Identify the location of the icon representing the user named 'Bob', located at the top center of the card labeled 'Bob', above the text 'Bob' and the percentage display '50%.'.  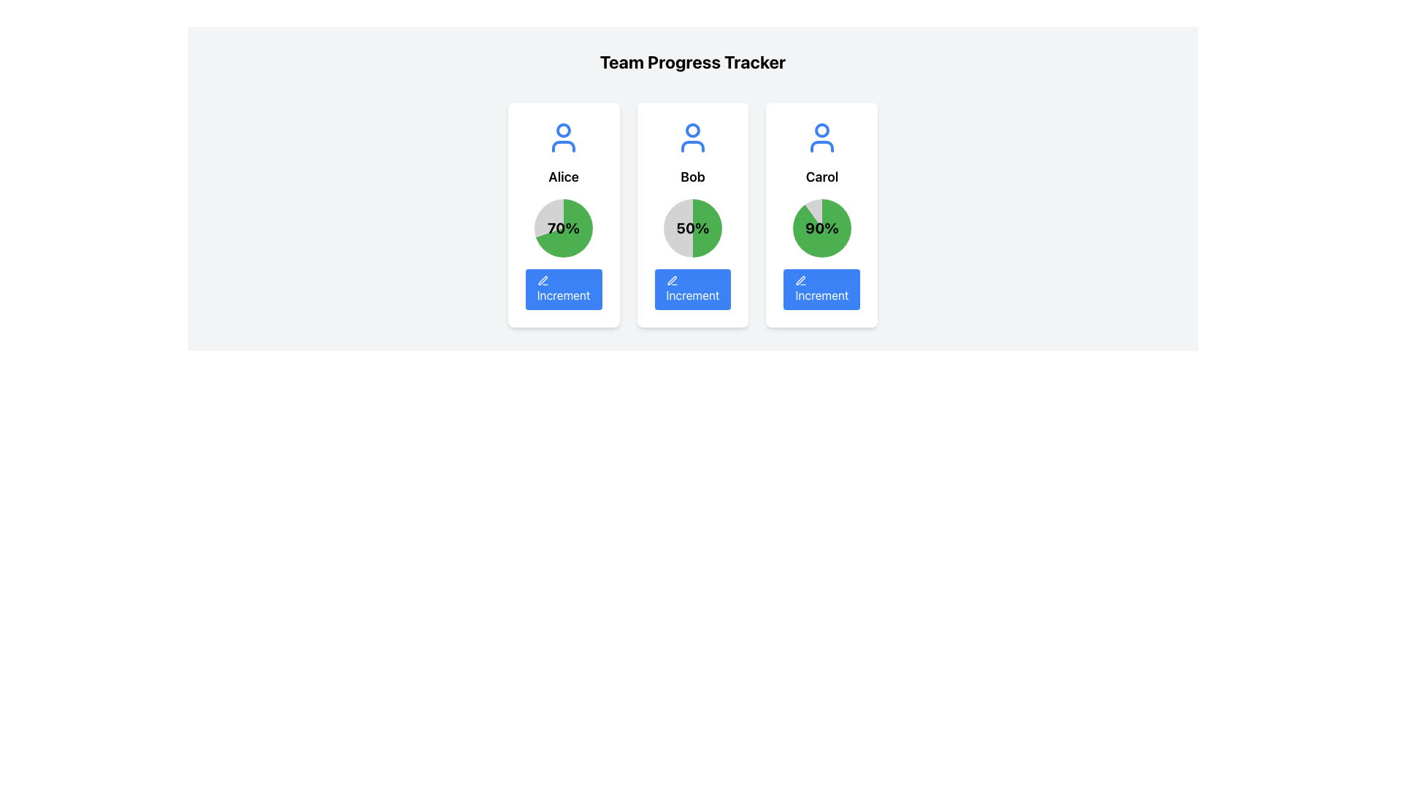
(692, 138).